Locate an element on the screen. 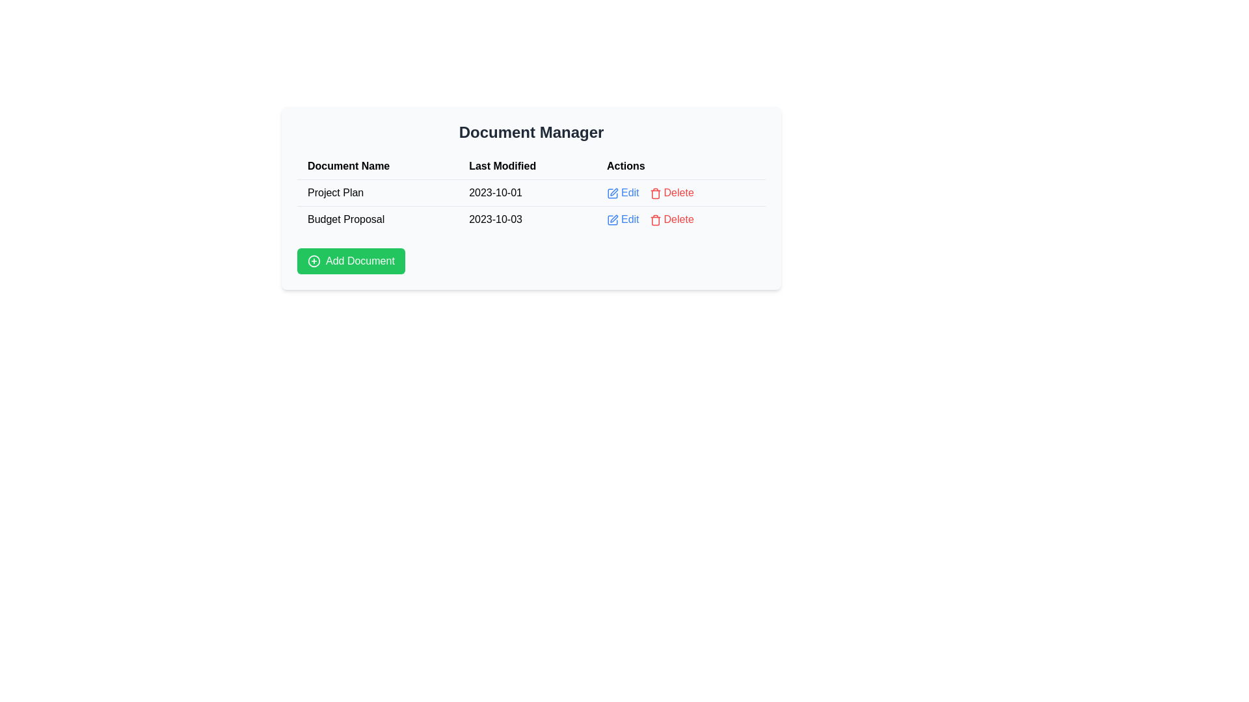 This screenshot has width=1249, height=702. the edit icon located in the first row of the 'Actions' column in the table to initiate an edit action for the respective document entry is located at coordinates (613, 192).